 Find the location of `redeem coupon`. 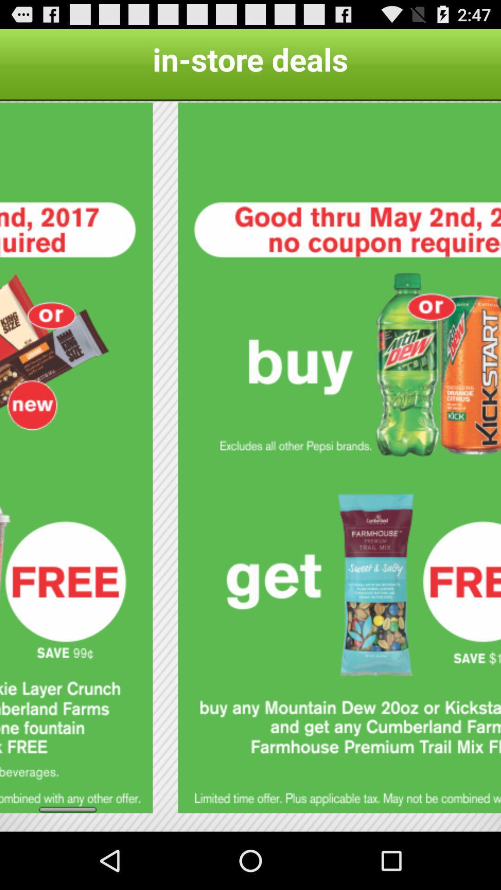

redeem coupon is located at coordinates (340, 458).